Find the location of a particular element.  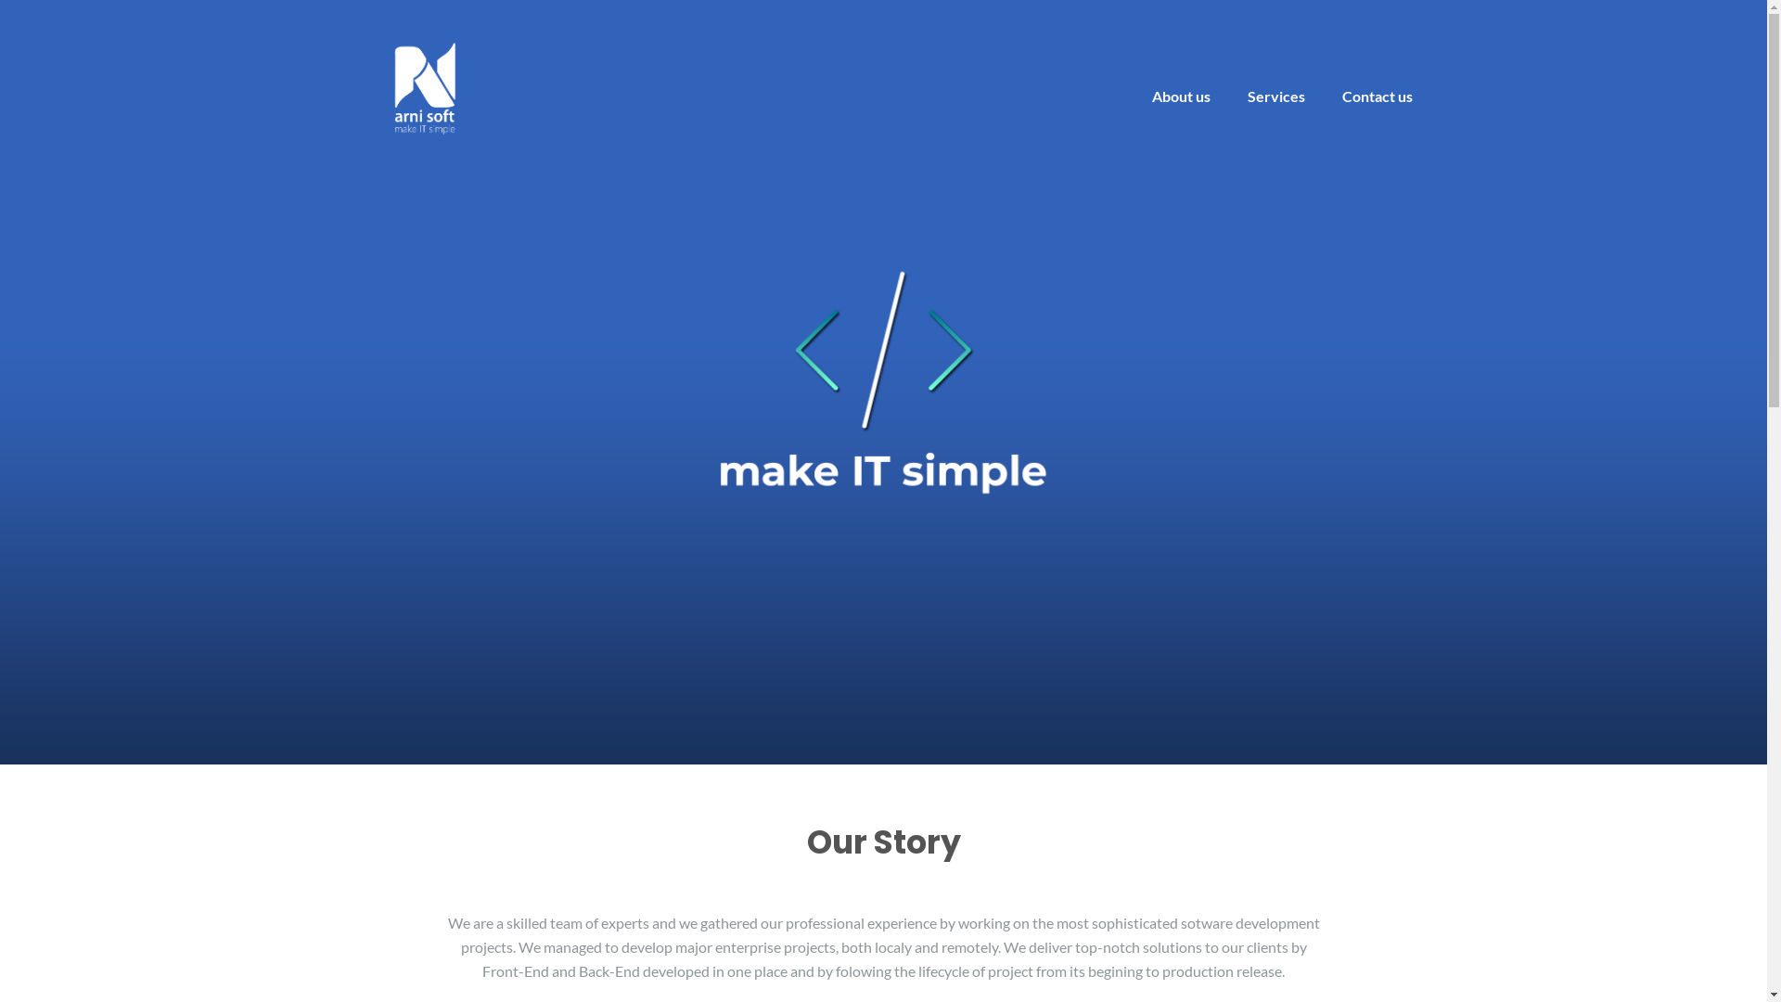

'Contact us' is located at coordinates (1376, 96).